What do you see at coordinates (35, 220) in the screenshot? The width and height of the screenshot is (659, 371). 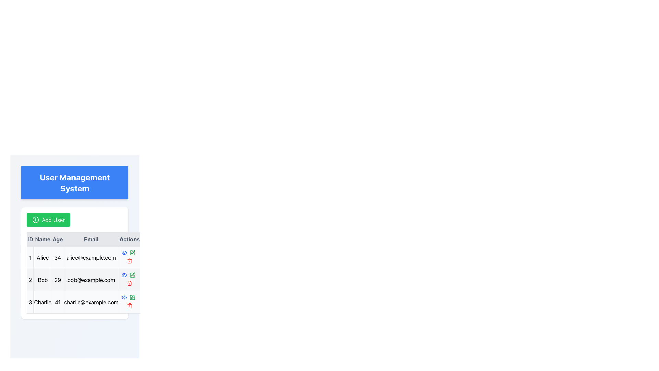 I see `the circular graphic element that is part of the 'Add User' button in the user management interface` at bounding box center [35, 220].